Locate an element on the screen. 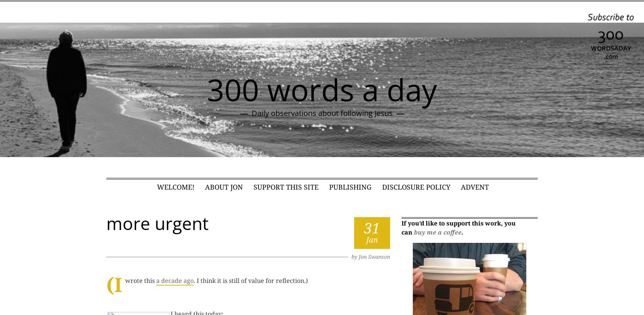 The height and width of the screenshot is (315, 644). '.' is located at coordinates (461, 232).